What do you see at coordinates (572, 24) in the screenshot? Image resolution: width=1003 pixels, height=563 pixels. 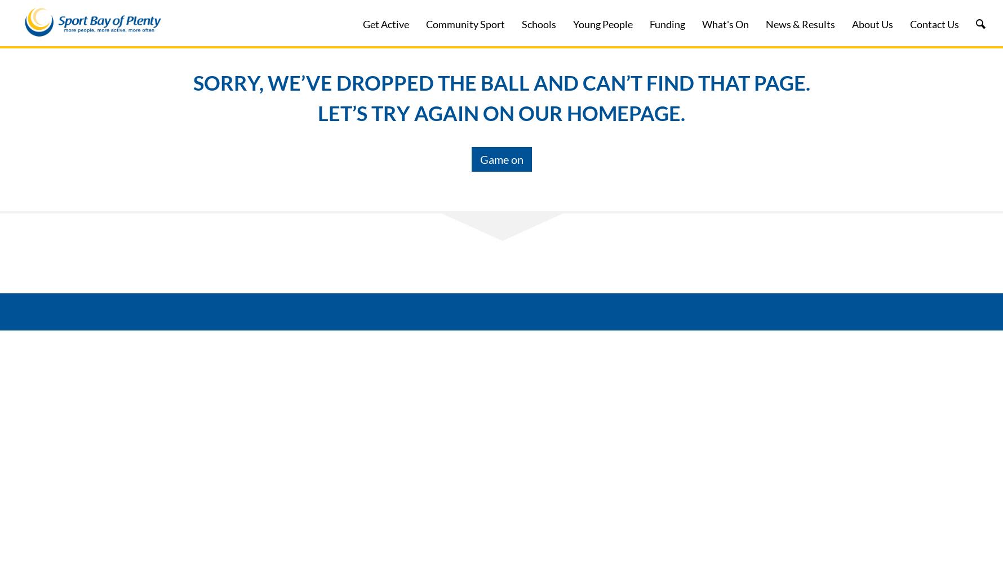 I see `'Young People'` at bounding box center [572, 24].